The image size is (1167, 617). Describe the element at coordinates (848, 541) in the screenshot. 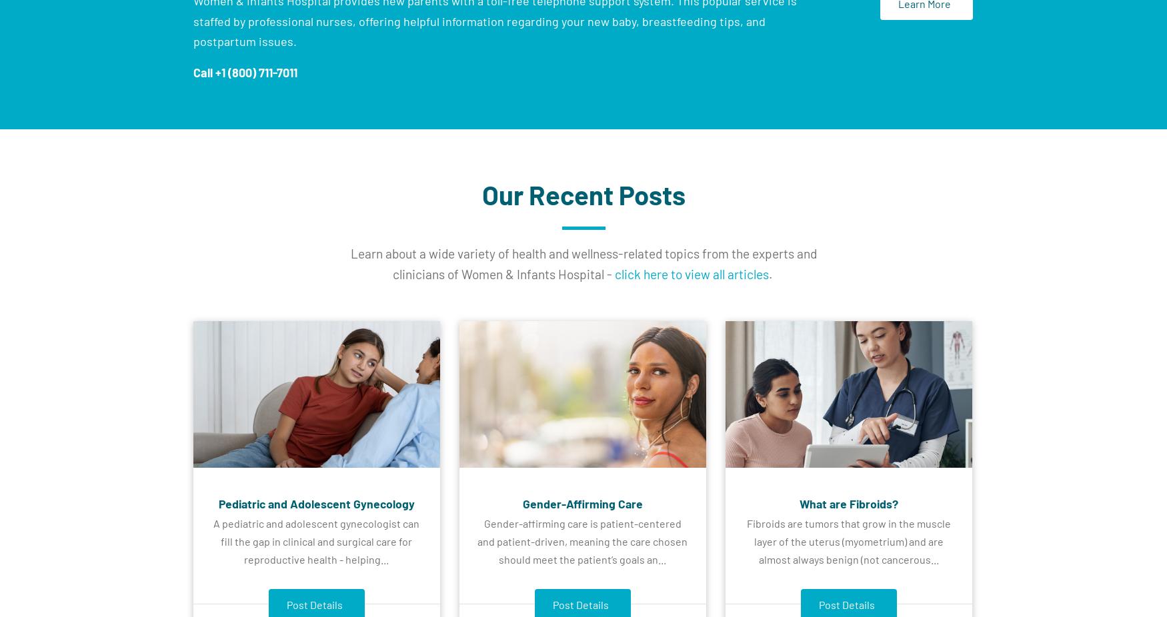

I see `'Fibroids are tumors that grow in the muscle layer of the uterus (myometrium) and are almost always benign (not cancerous...'` at that location.